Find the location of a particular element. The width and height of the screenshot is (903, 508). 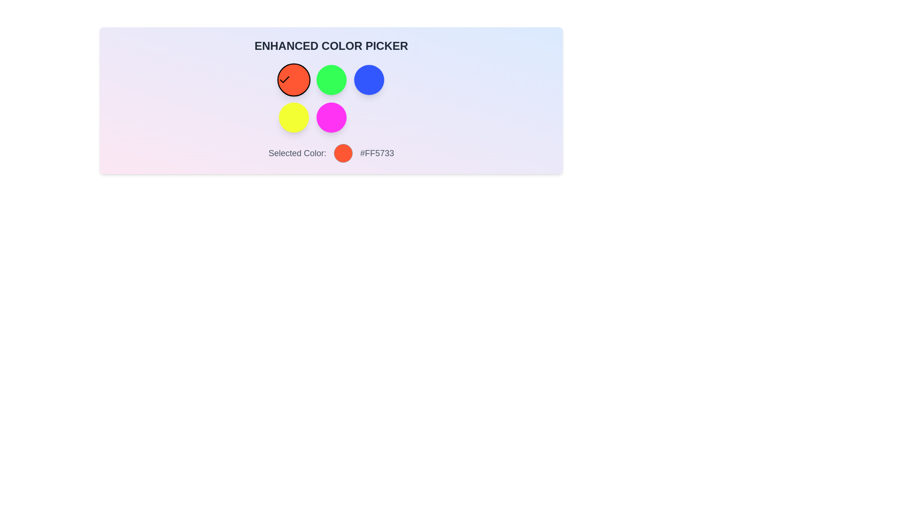

the first button in the top-left corner of the 3x2 grid layout of circular buttons beneath the title 'ENHANCED COLOR PICKER' is located at coordinates (293, 79).